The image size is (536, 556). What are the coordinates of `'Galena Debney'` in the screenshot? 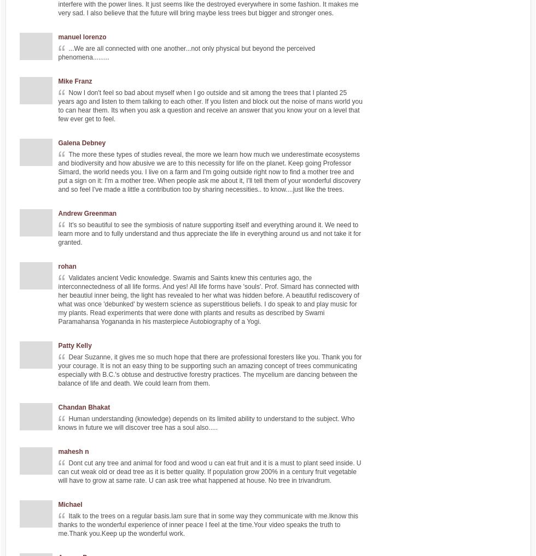 It's located at (58, 143).